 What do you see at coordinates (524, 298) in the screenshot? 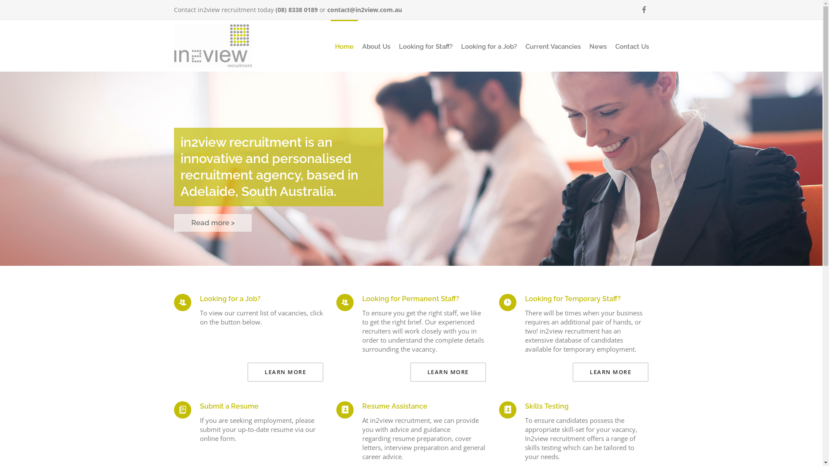
I see `'Looking for Temporary Staff?'` at bounding box center [524, 298].